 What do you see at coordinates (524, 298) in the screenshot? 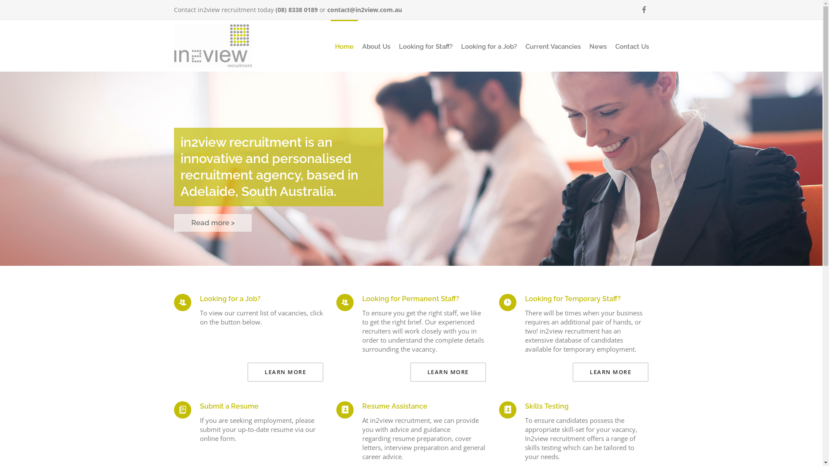
I see `'Looking for Temporary Staff?'` at bounding box center [524, 298].